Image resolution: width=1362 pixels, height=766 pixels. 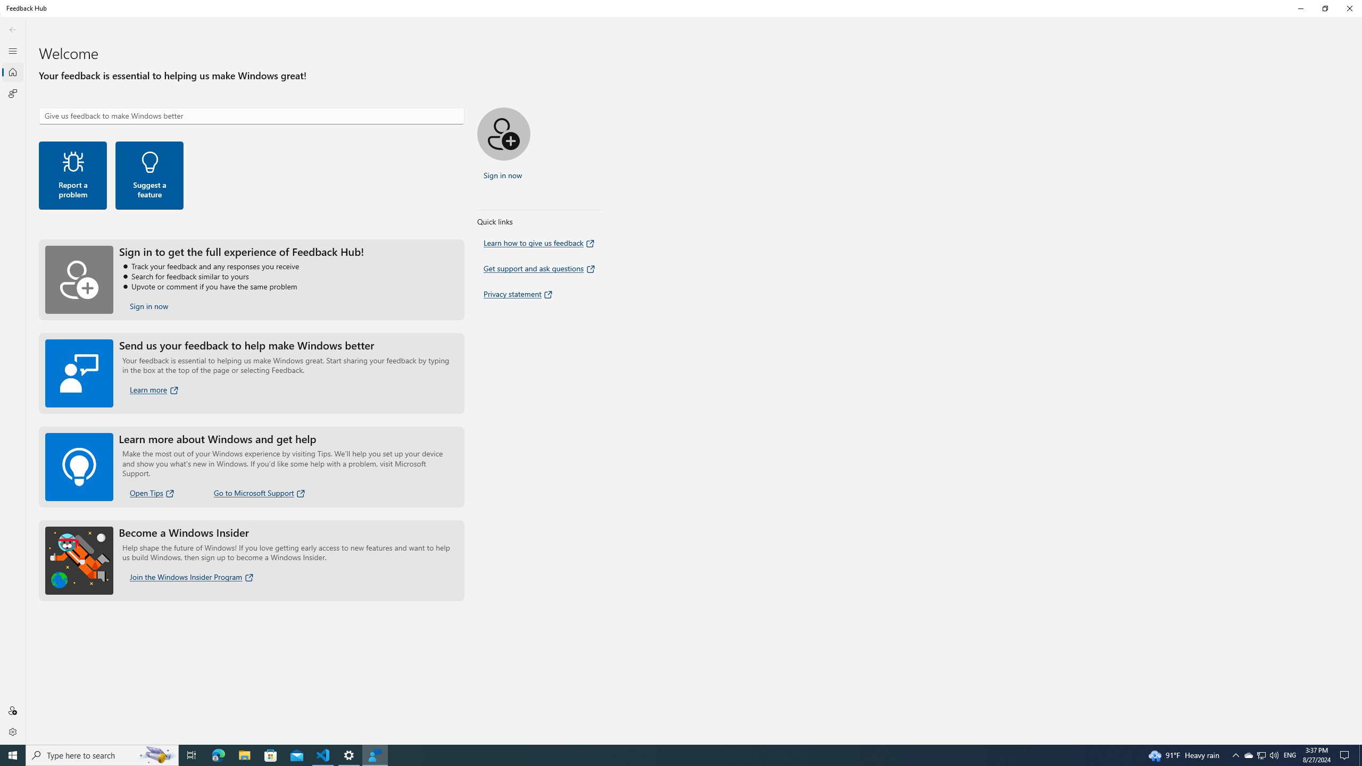 What do you see at coordinates (13, 72) in the screenshot?
I see `'Home'` at bounding box center [13, 72].